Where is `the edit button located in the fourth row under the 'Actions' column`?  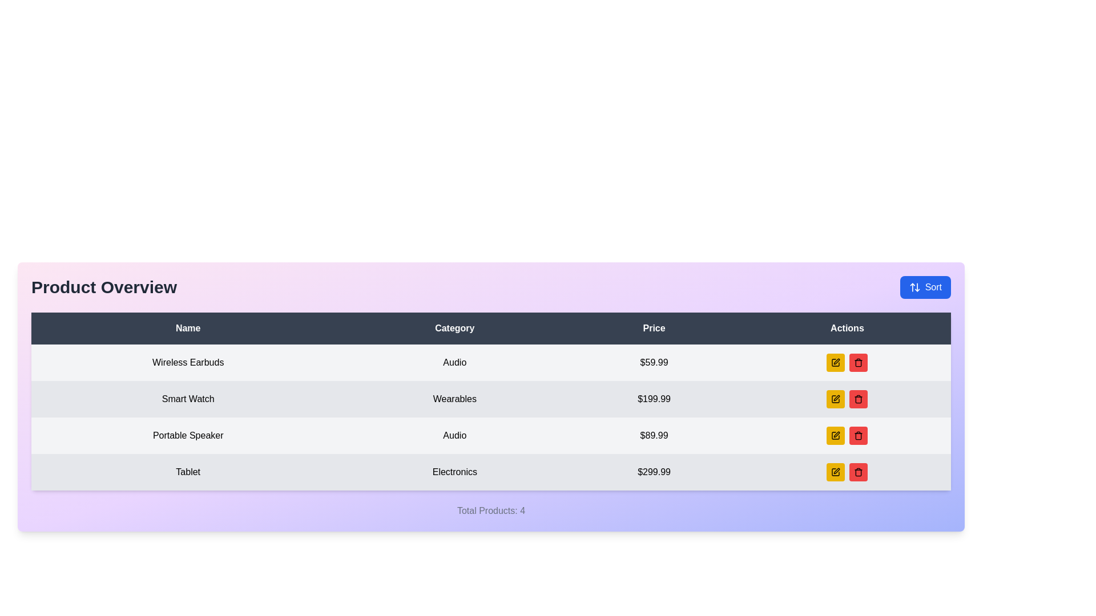 the edit button located in the fourth row under the 'Actions' column is located at coordinates (836, 472).